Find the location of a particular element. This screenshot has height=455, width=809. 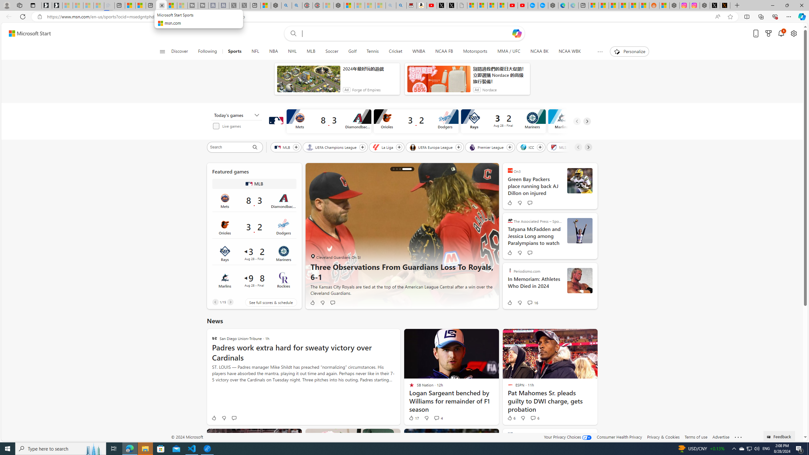

'Follow MLB' is located at coordinates (295, 147).